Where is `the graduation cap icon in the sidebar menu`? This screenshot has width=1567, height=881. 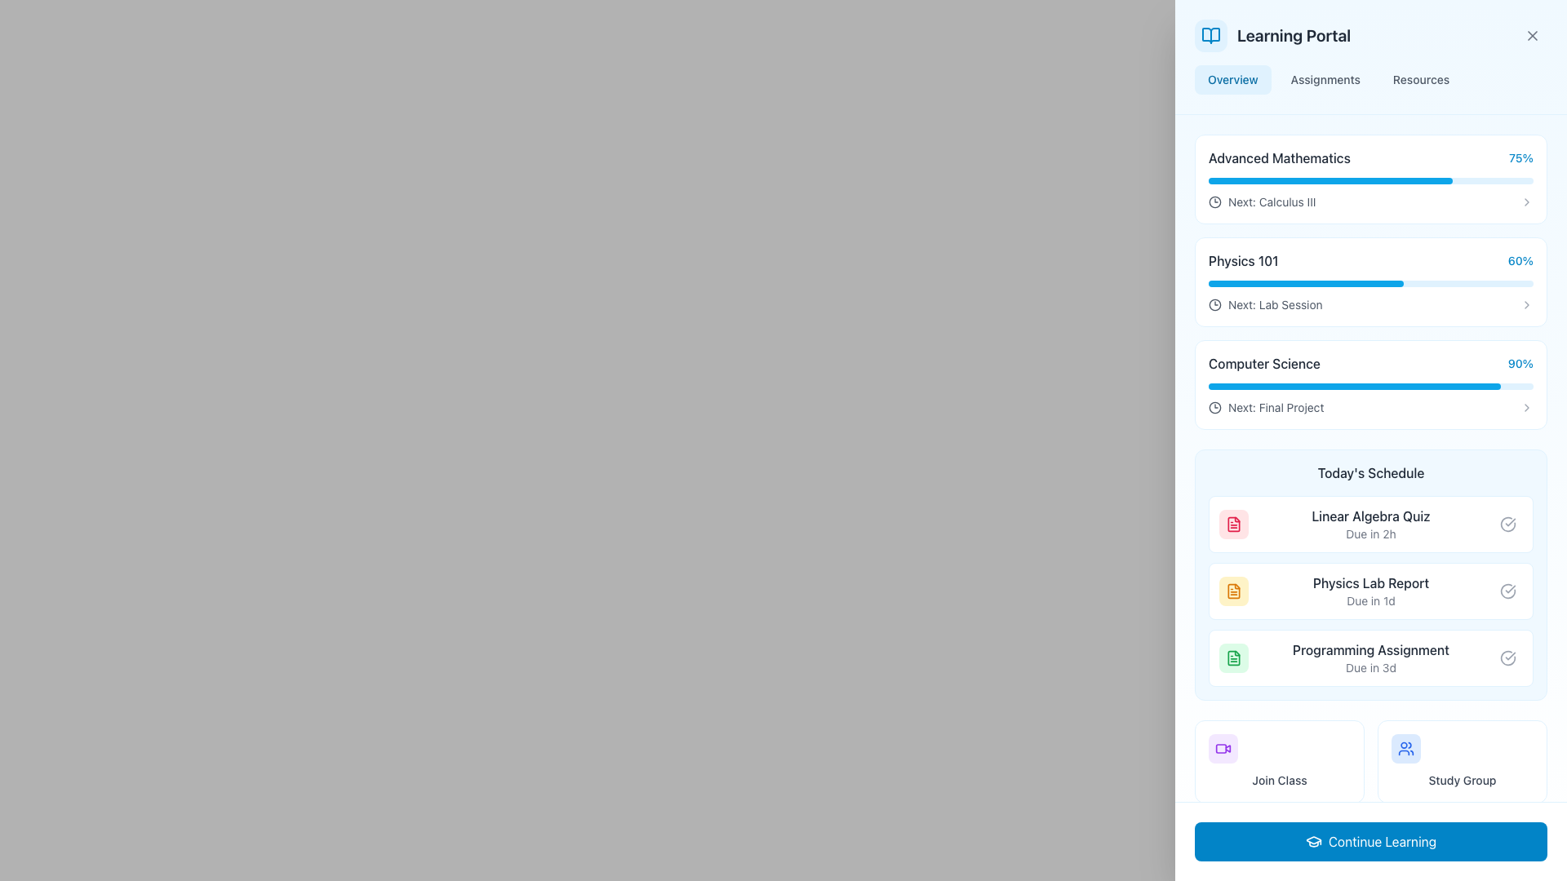 the graduation cap icon in the sidebar menu is located at coordinates (1313, 840).